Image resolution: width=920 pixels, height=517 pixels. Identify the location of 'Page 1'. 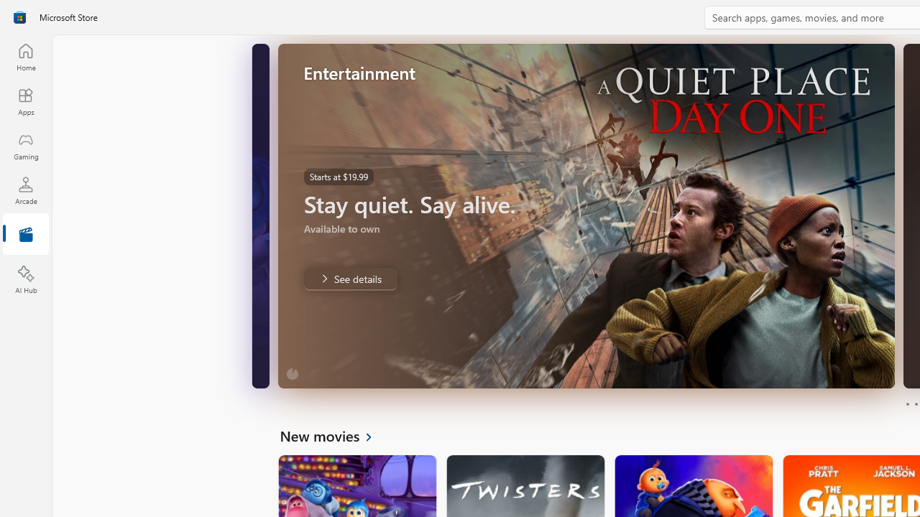
(906, 404).